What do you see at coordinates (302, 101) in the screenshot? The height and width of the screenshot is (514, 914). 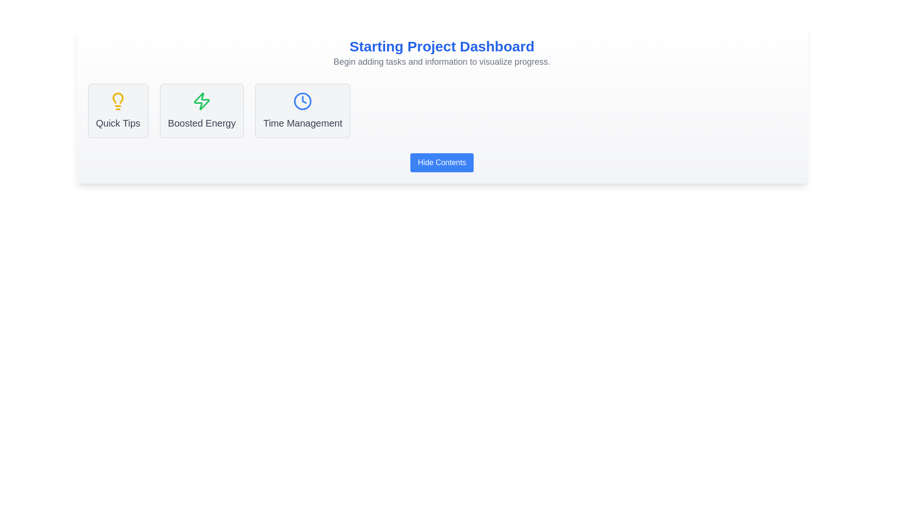 I see `the blue circular outline icon with a clock inside, located within the 'Time Management' button, which is the third button in a horizontal sequence of three buttons` at bounding box center [302, 101].